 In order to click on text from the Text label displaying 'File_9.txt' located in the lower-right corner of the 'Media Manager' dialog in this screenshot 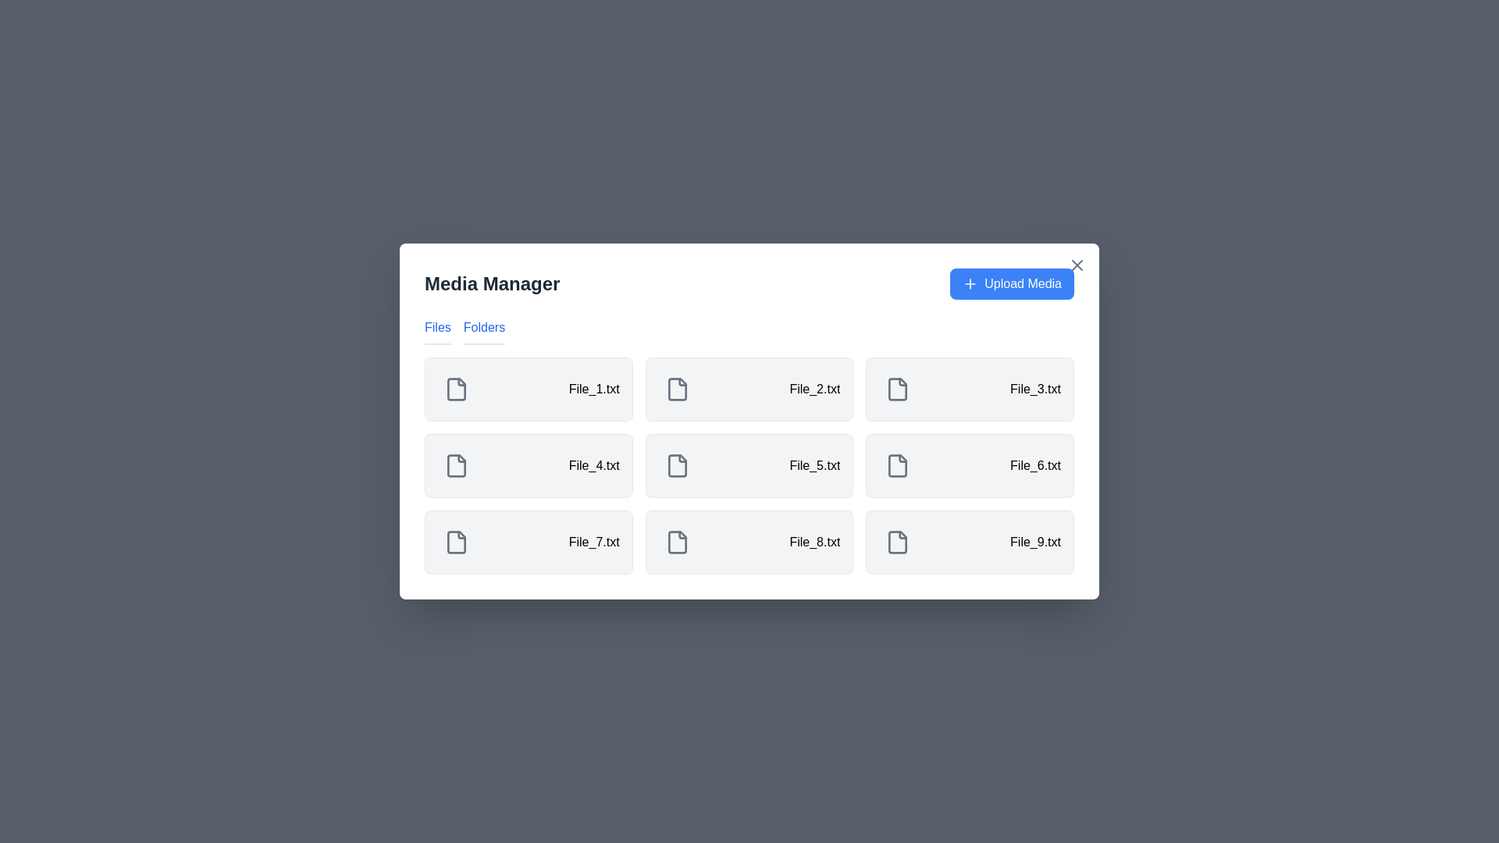, I will do `click(1035, 541)`.